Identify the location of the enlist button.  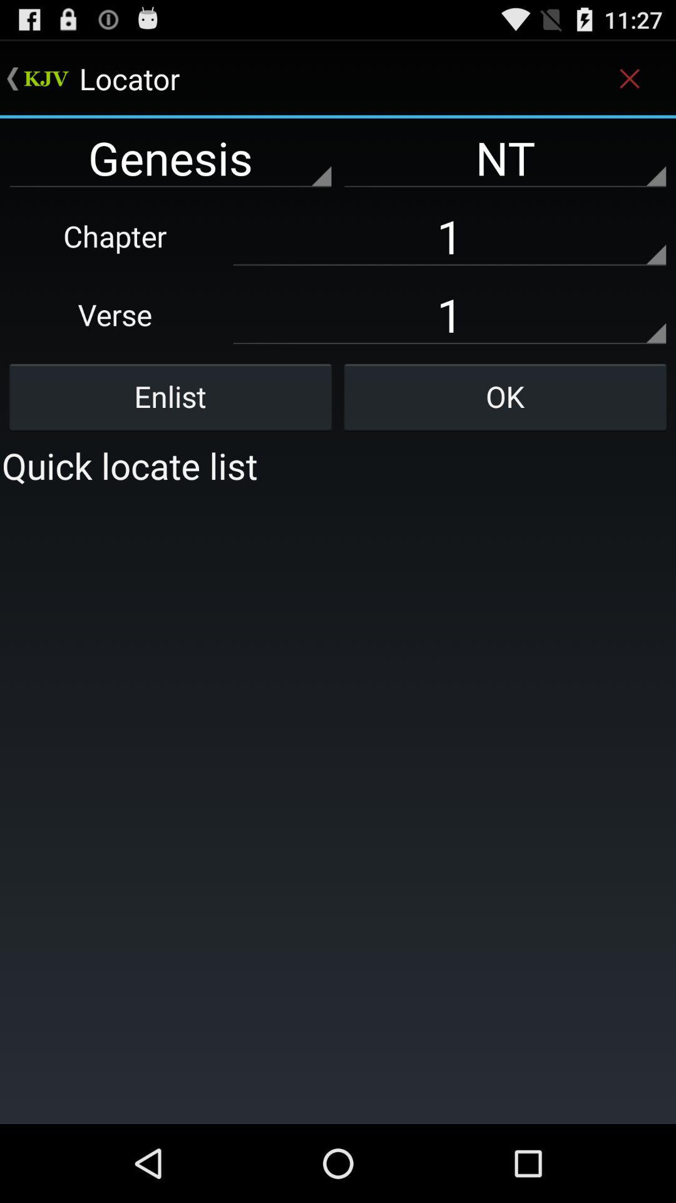
(170, 396).